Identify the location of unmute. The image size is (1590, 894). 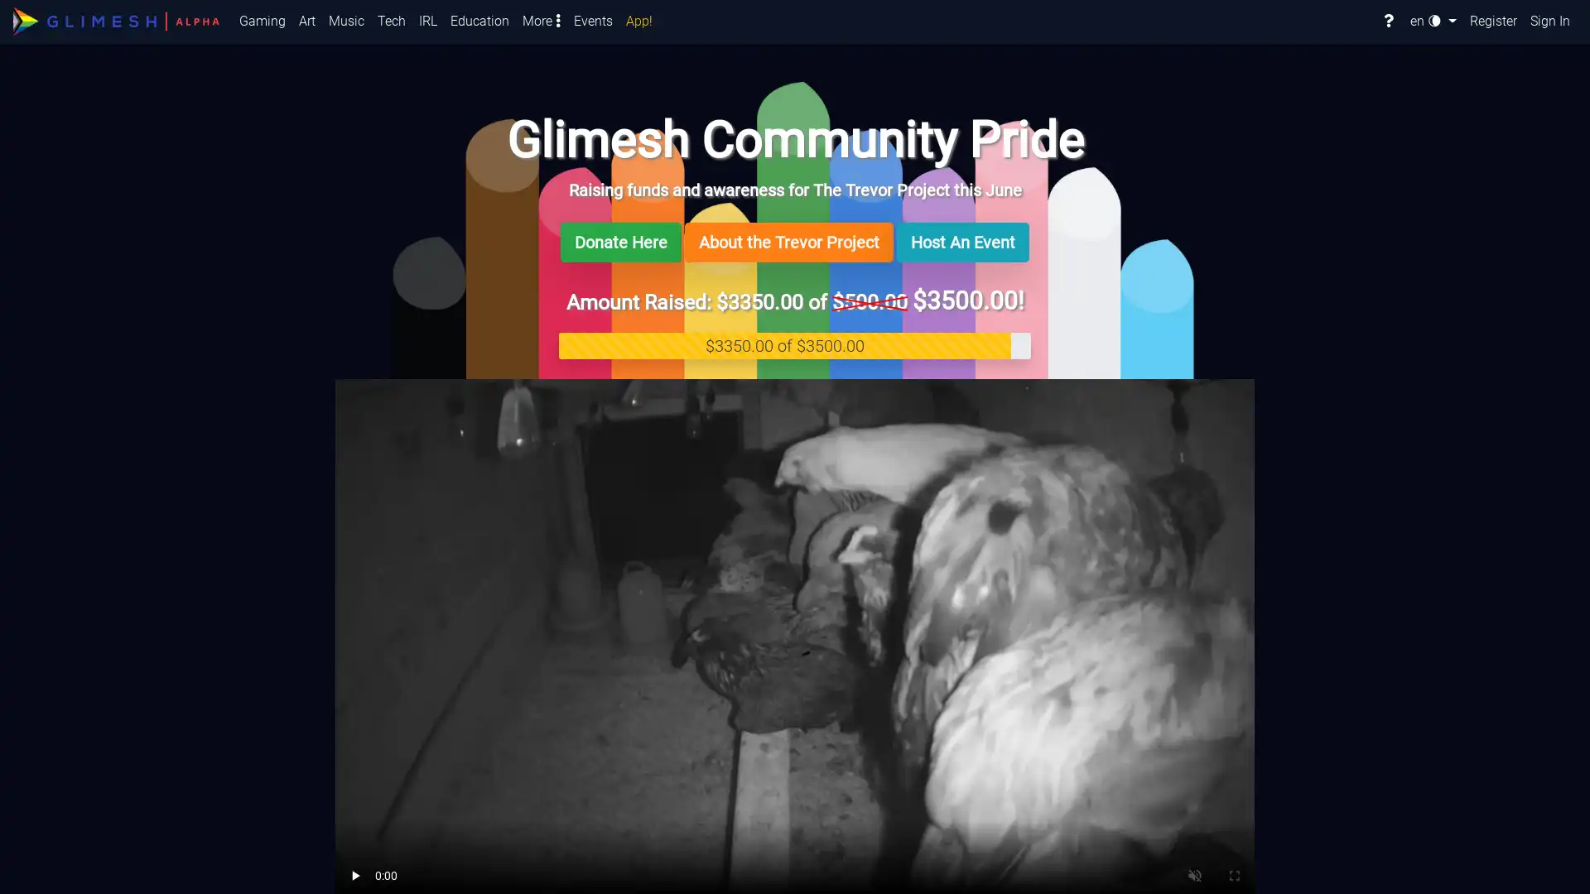
(409, 872).